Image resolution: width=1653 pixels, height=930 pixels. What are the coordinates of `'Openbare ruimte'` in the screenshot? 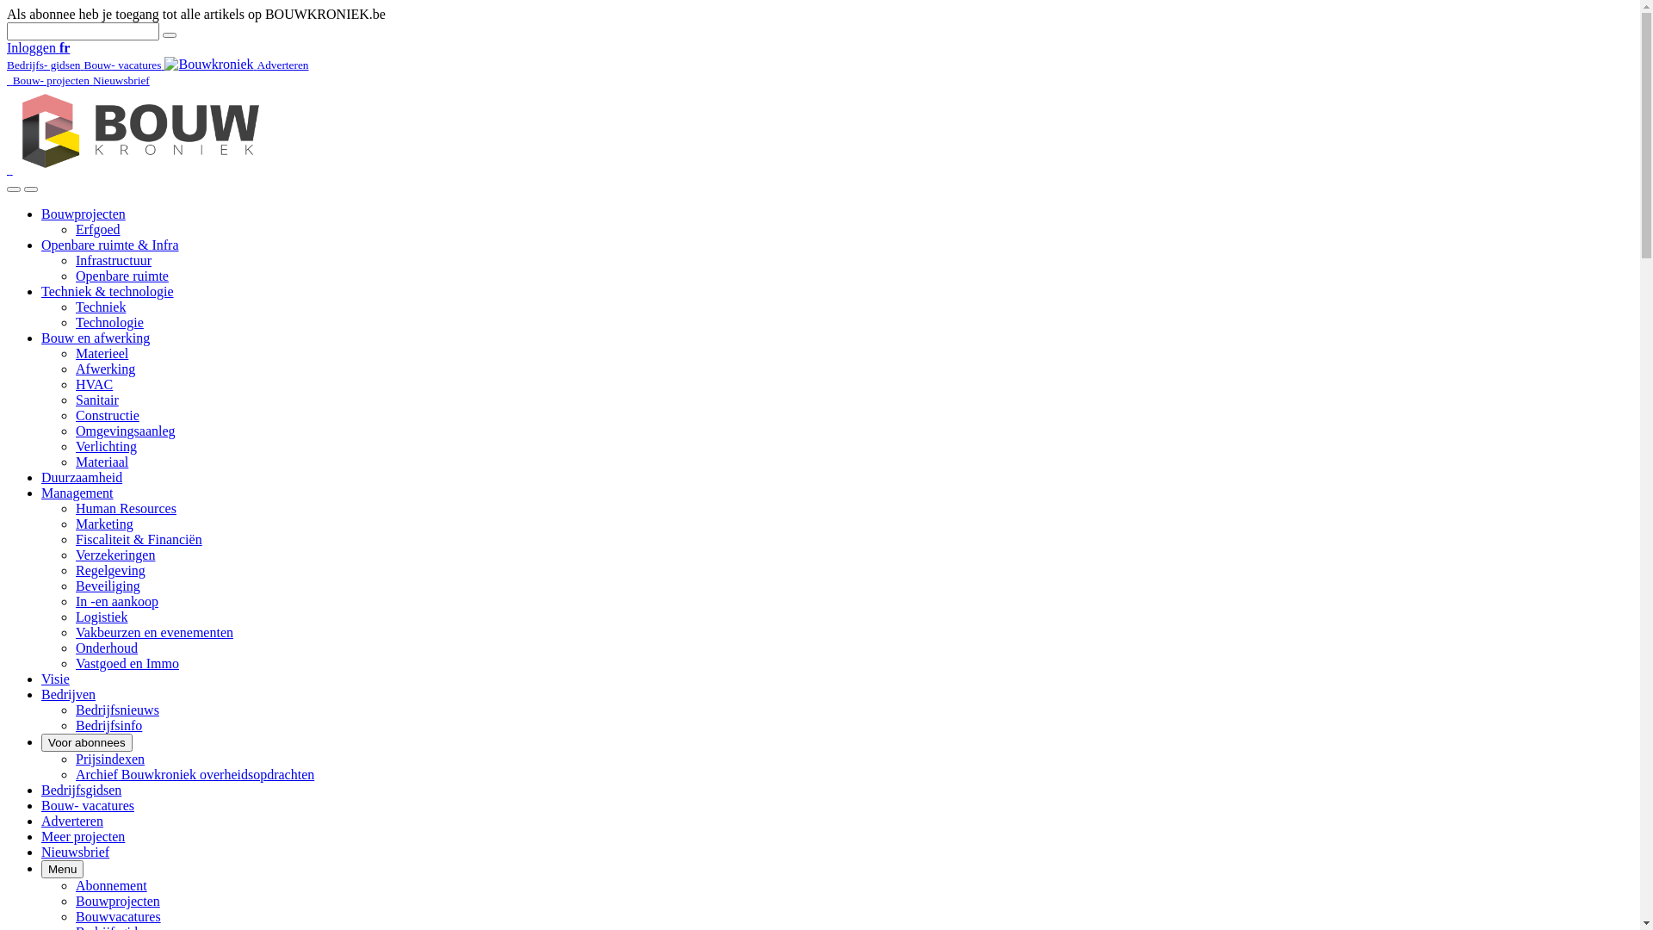 It's located at (121, 275).